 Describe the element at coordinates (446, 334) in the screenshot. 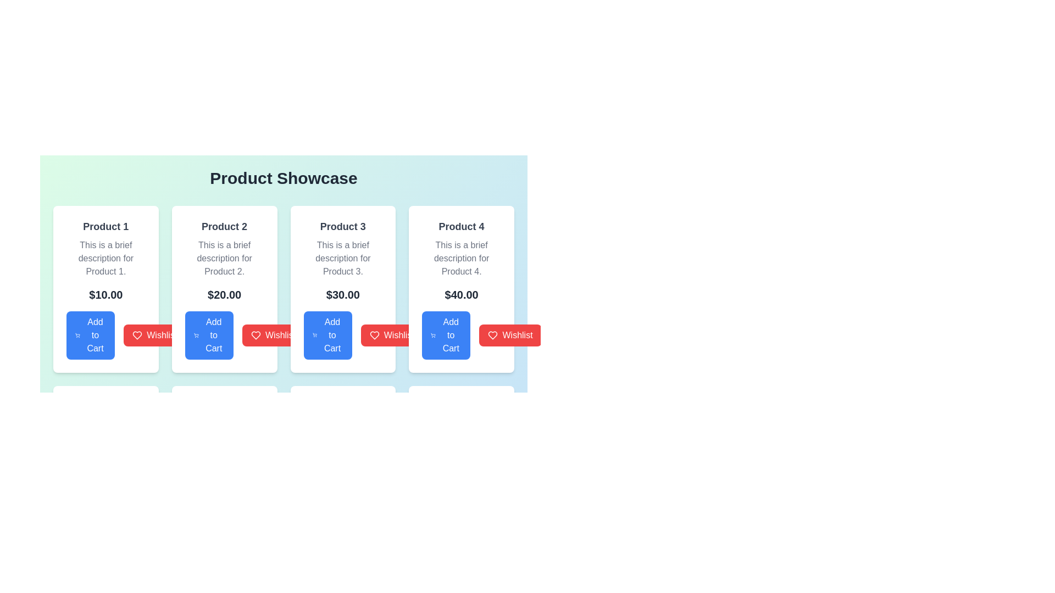

I see `the 'Add to Cart' button for 'Product 4' located at the bottom of its product card, next to the red 'Wishlist' button` at that location.